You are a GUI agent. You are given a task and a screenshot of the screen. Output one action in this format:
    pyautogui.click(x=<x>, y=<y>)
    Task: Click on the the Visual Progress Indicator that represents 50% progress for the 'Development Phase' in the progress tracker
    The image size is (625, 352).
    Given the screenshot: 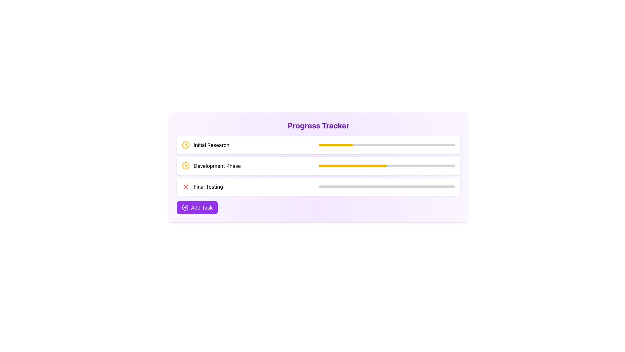 What is the action you would take?
    pyautogui.click(x=352, y=166)
    